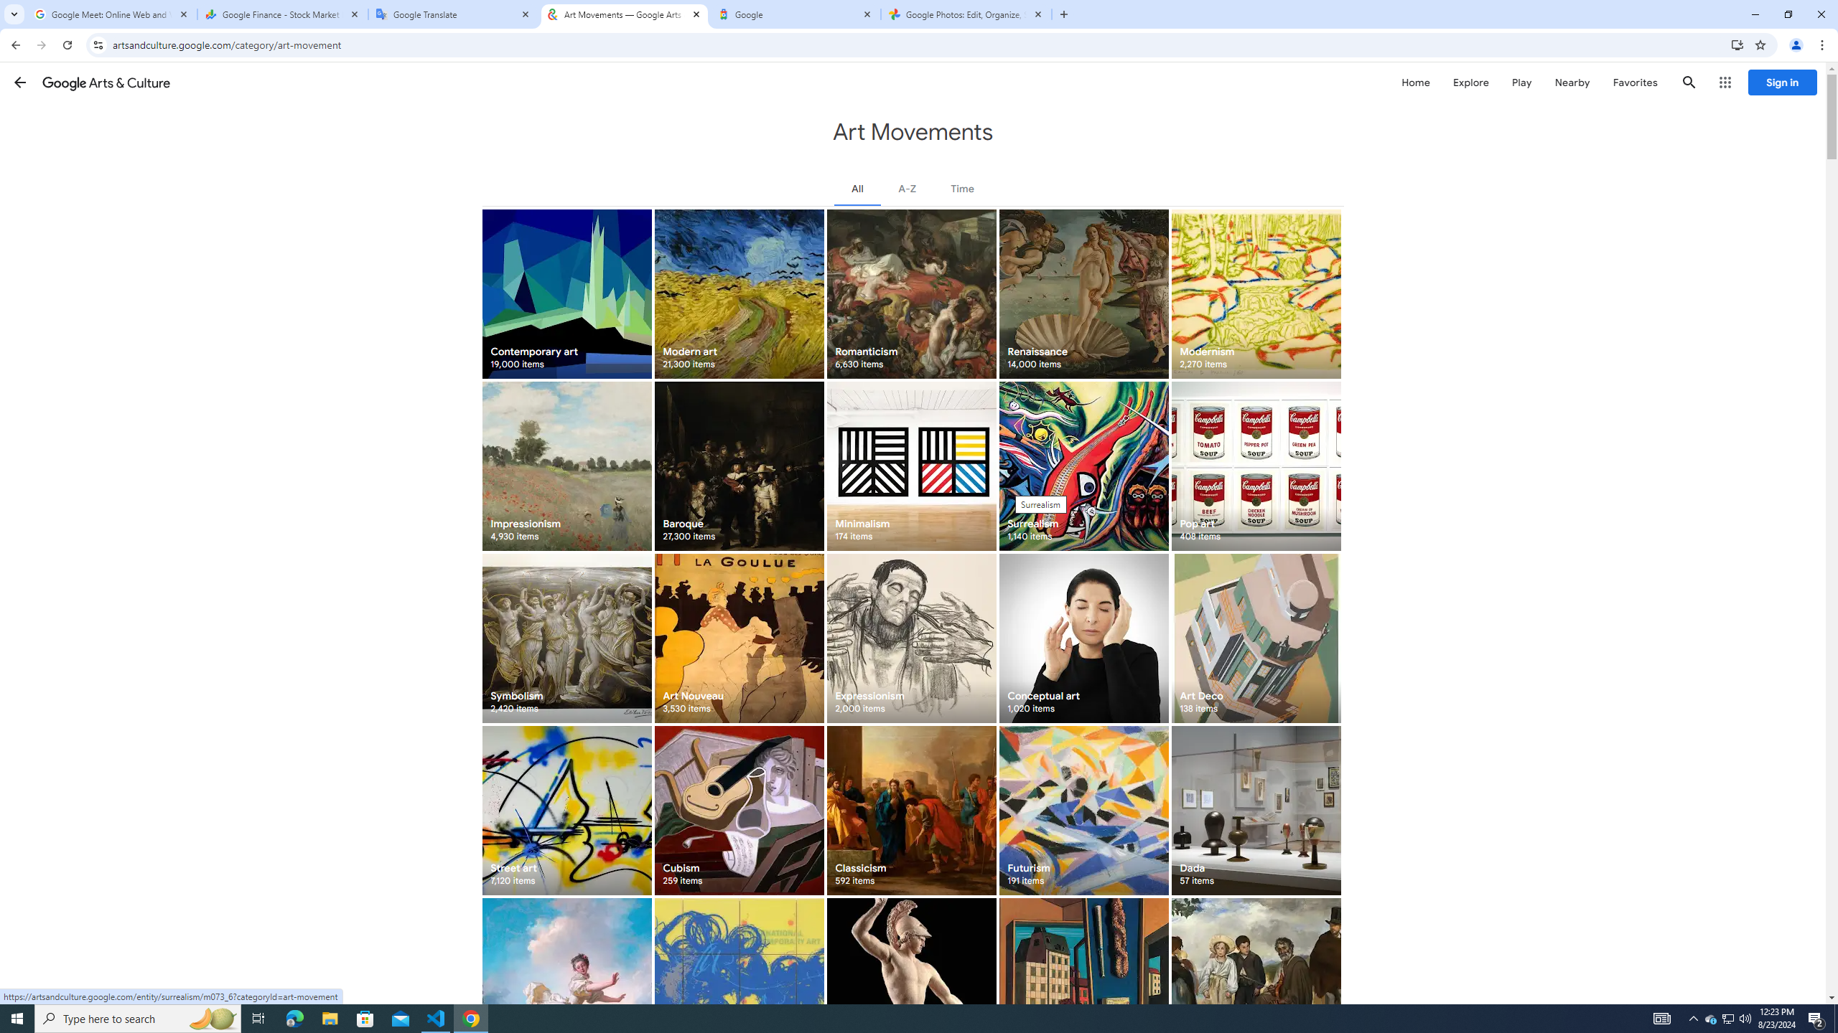 The image size is (1838, 1033). I want to click on 'Conceptual art 1,020 items', so click(1083, 637).